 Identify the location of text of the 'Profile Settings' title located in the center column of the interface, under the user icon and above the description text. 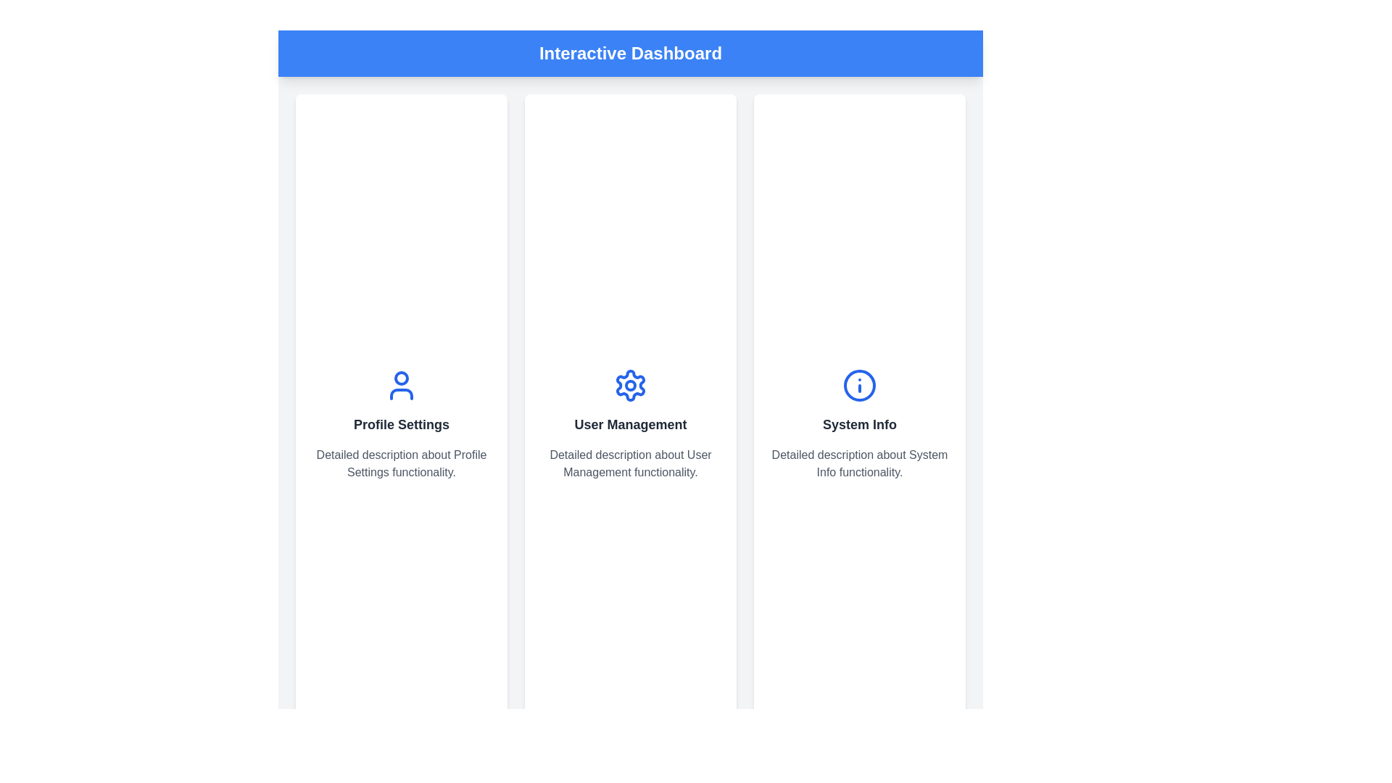
(401, 424).